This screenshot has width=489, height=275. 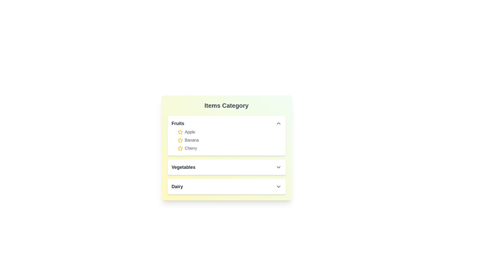 What do you see at coordinates (191, 148) in the screenshot?
I see `the item Cherry in the expanded category` at bounding box center [191, 148].